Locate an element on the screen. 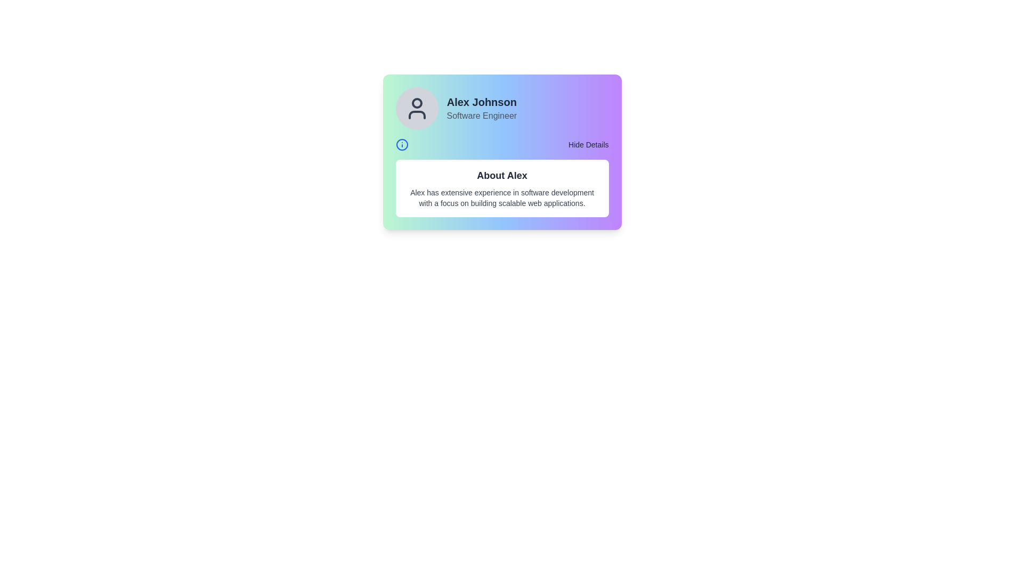 The width and height of the screenshot is (1023, 575). the hyperlink text toggle located at the top right corner of the card component is located at coordinates (588, 145).